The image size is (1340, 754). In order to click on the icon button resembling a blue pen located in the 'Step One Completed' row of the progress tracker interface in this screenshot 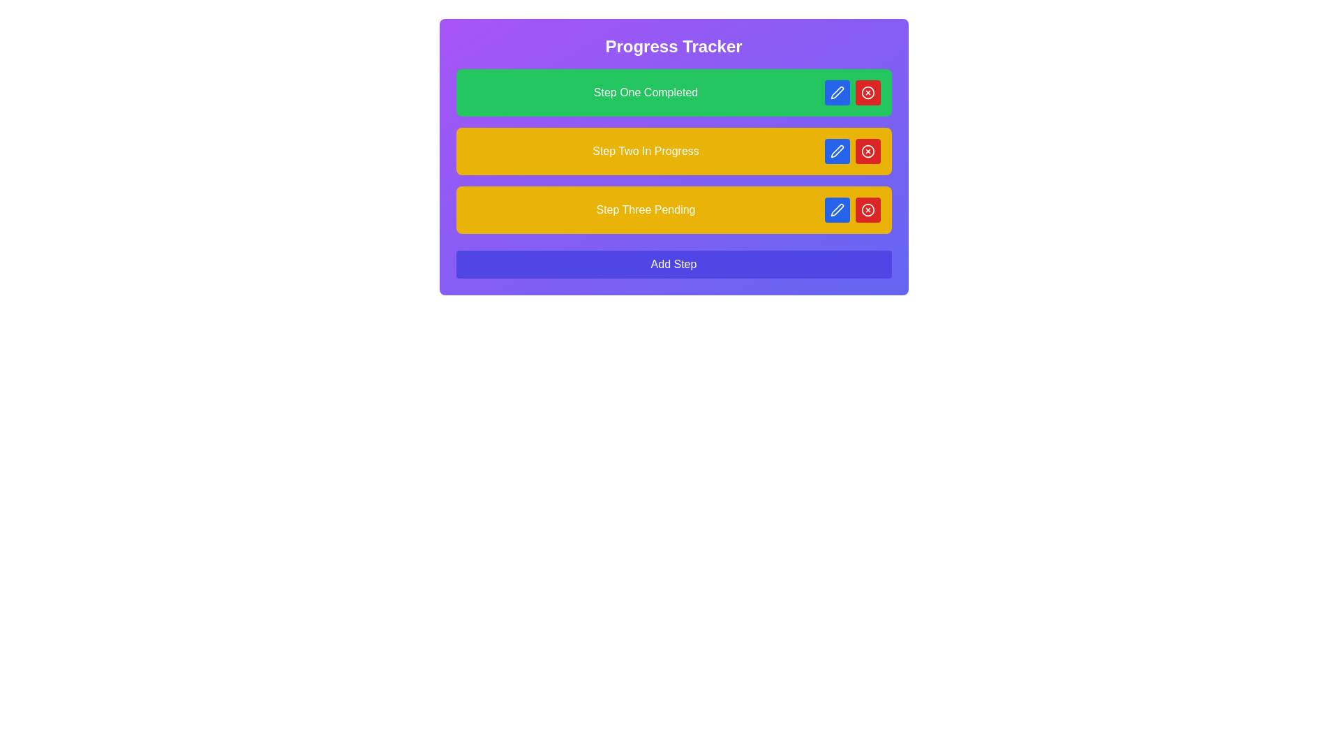, I will do `click(837, 92)`.